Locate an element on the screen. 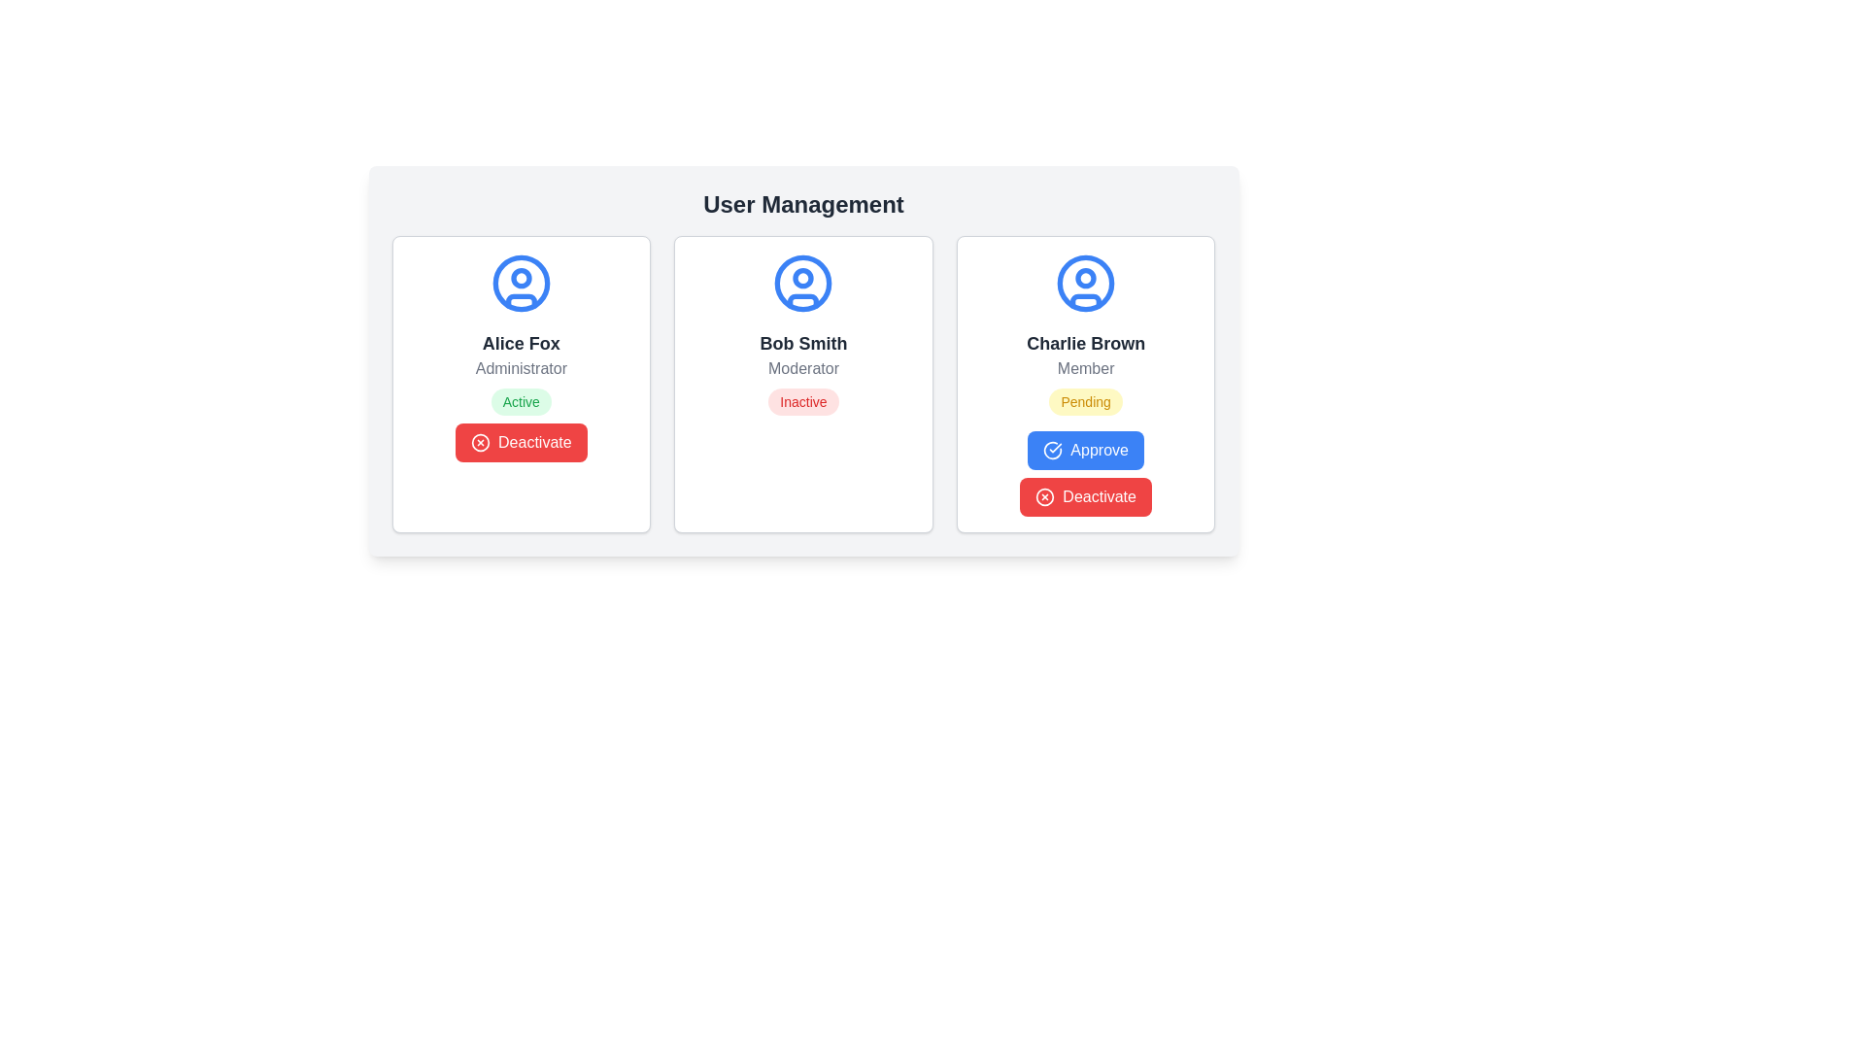 This screenshot has width=1865, height=1049. the SVG Circle that visually enhances the 'Deactivate' functionality of the button labeled 'Deactivate' for 'Alice Fox' is located at coordinates (480, 442).